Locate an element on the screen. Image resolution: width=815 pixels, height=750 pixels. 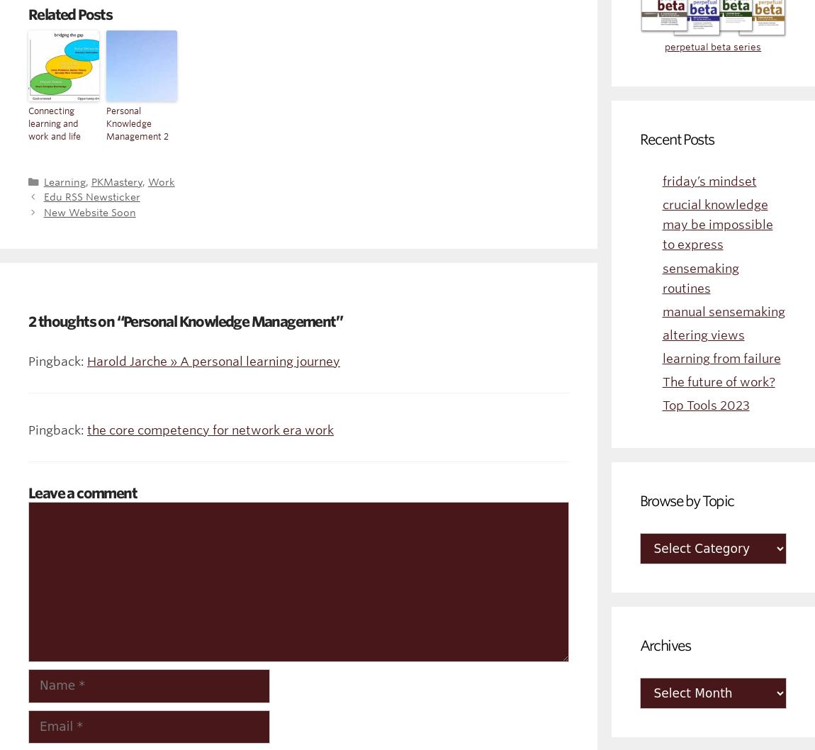
'Harold Jarche » A personal learning journey' is located at coordinates (86, 360).